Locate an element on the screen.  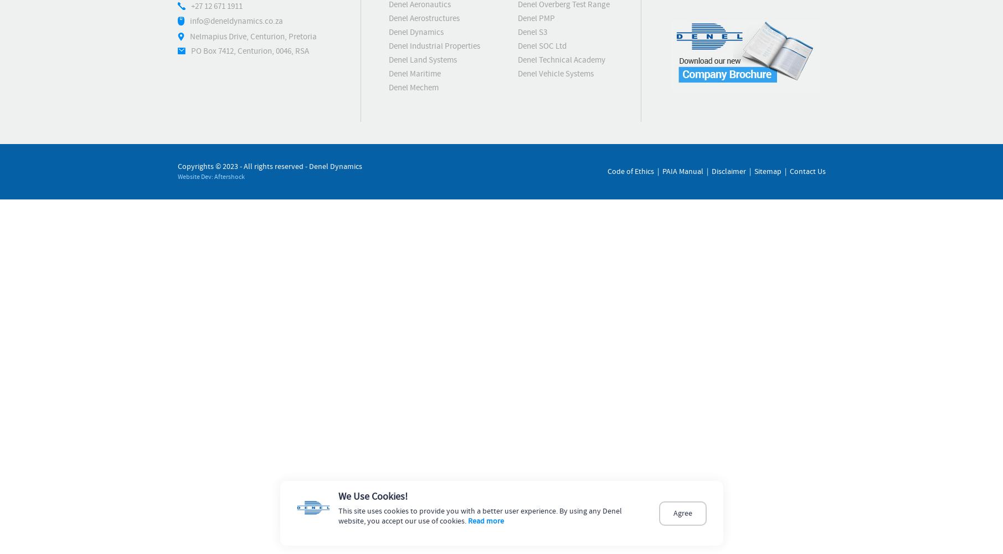
'Denel PMP' is located at coordinates (536, 18).